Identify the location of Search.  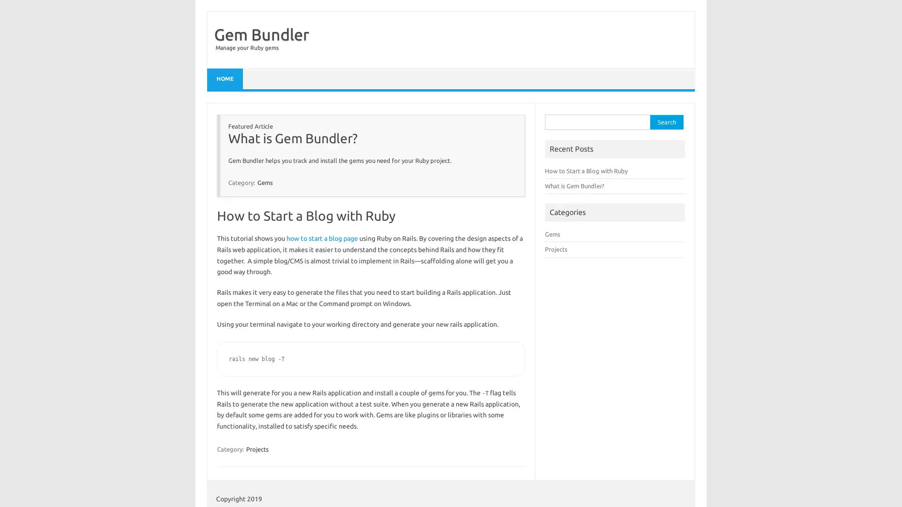
(666, 122).